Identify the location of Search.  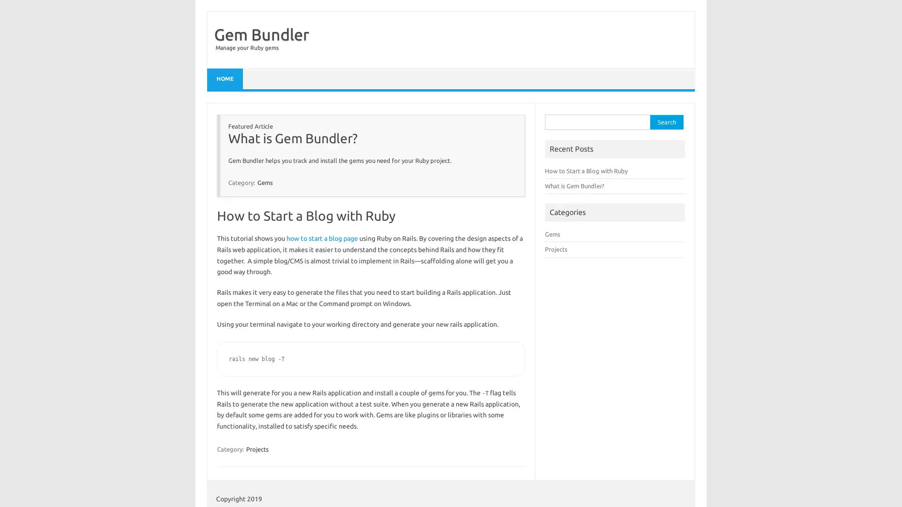
(666, 122).